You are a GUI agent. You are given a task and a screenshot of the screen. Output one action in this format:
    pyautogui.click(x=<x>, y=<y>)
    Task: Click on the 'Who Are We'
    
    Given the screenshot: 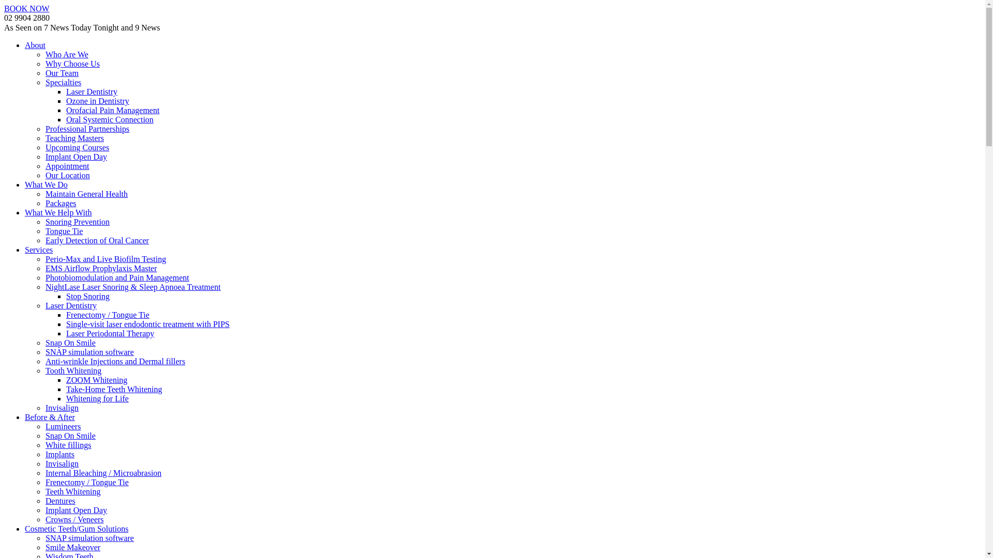 What is the action you would take?
    pyautogui.click(x=44, y=54)
    